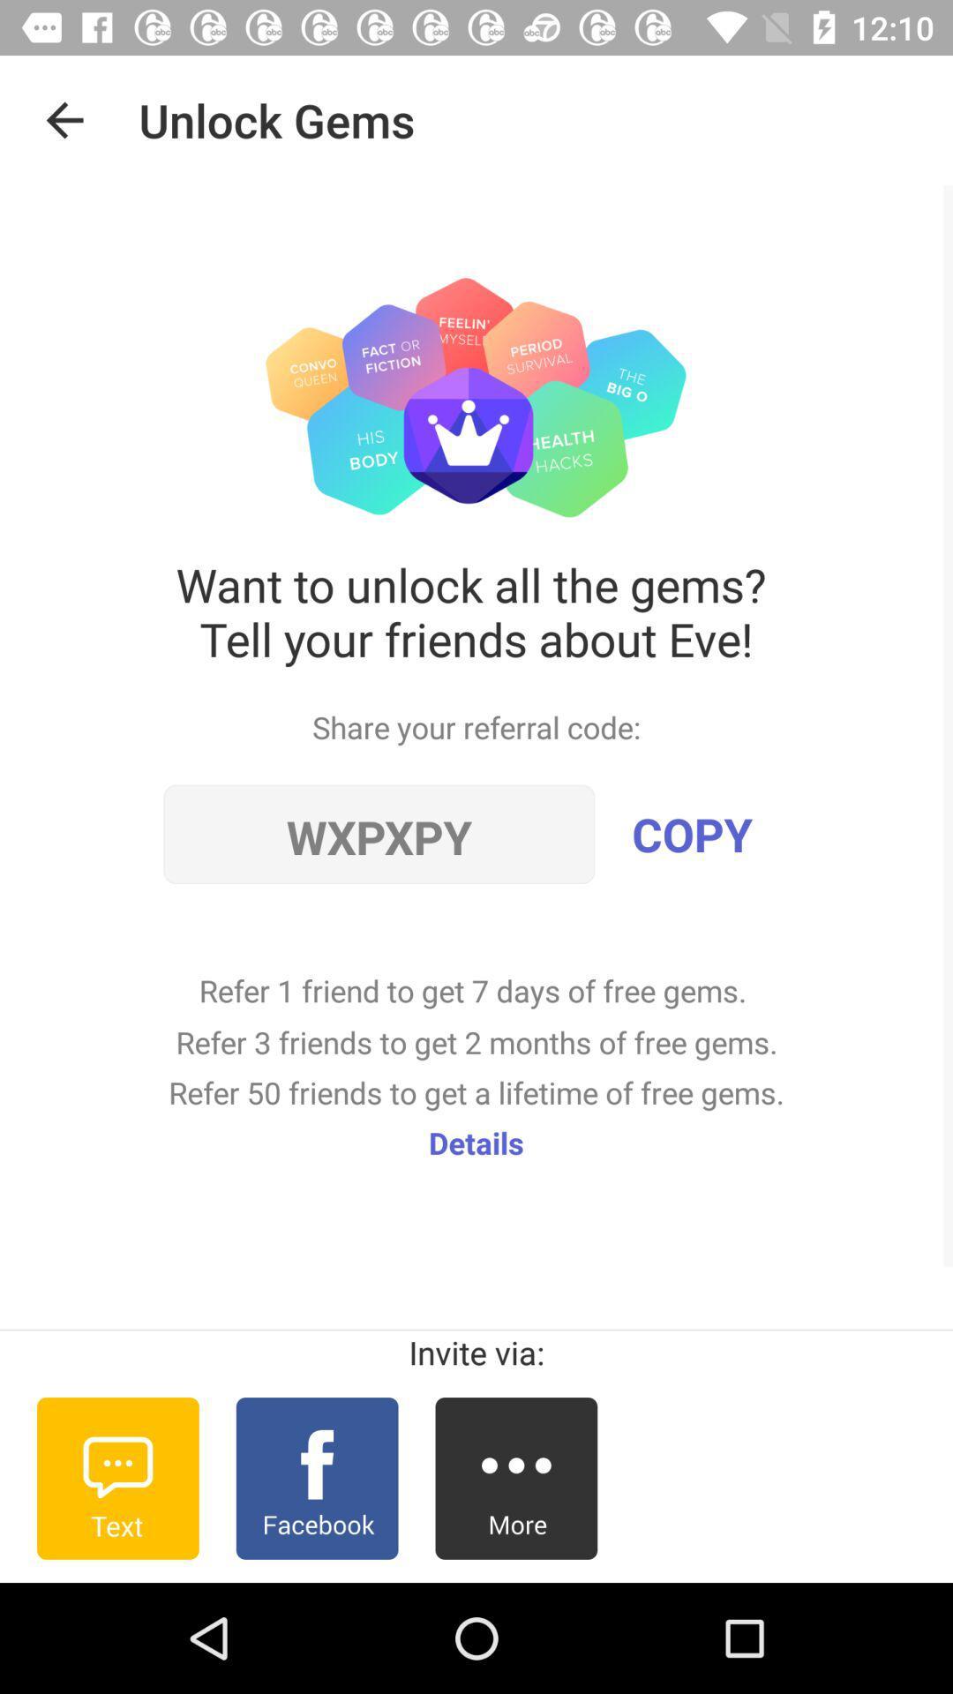 This screenshot has width=953, height=1694. I want to click on icon below the invite via: item, so click(516, 1478).